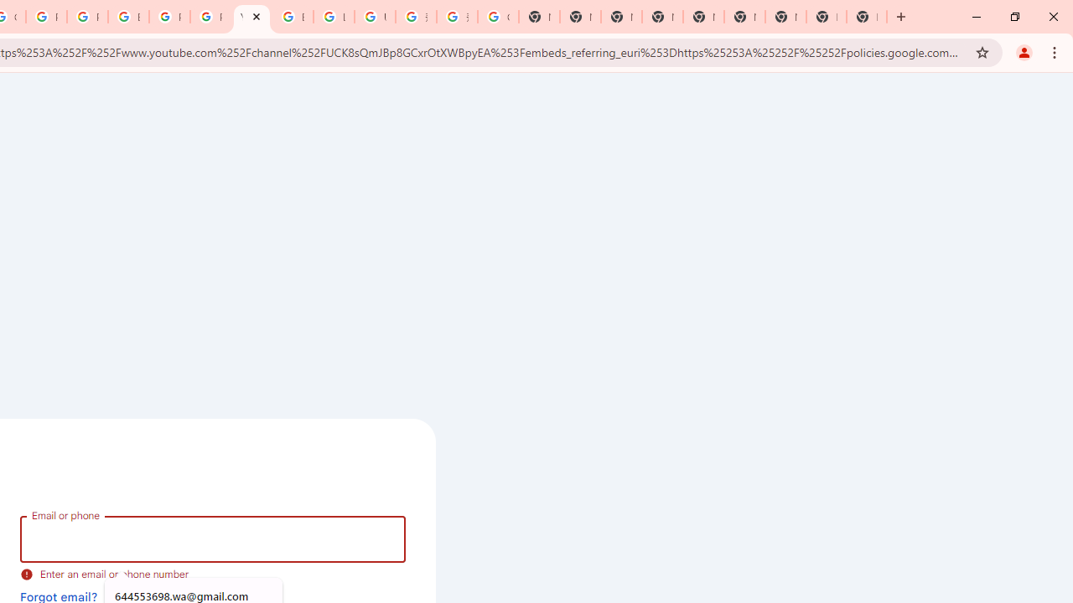 The image size is (1073, 603). Describe the element at coordinates (867, 17) in the screenshot. I see `'New Tab'` at that location.